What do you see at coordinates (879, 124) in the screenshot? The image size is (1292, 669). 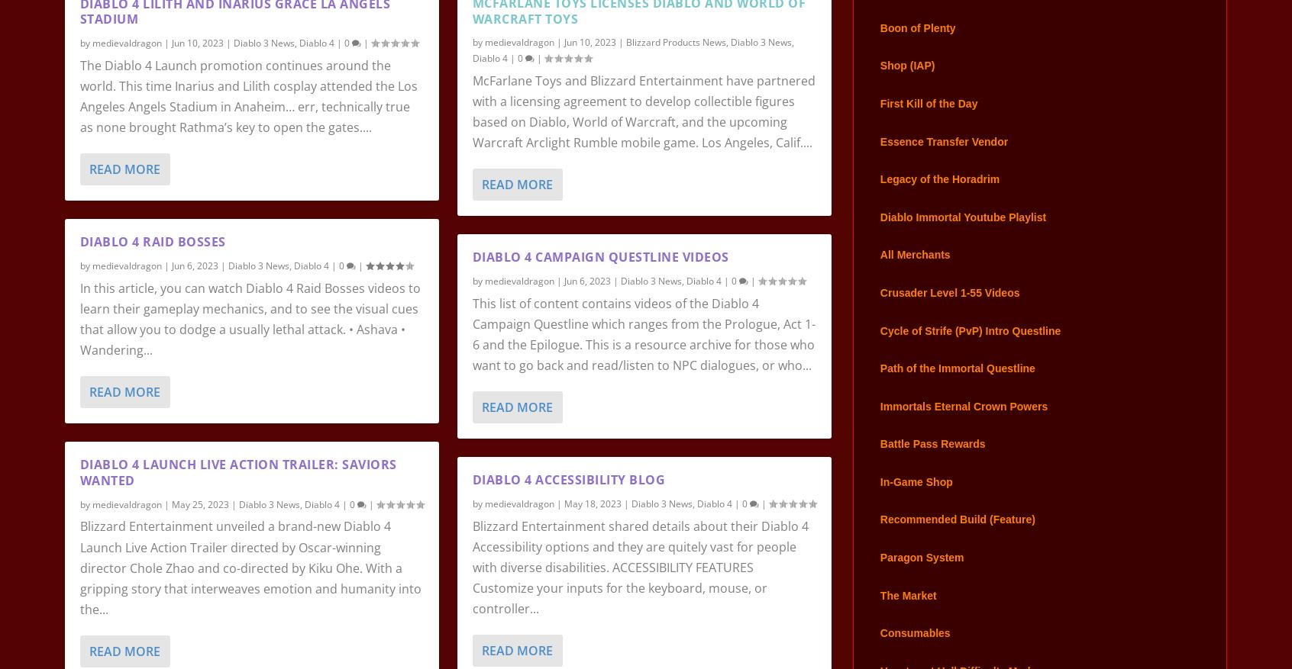 I see `'First Kill of the Day'` at bounding box center [879, 124].